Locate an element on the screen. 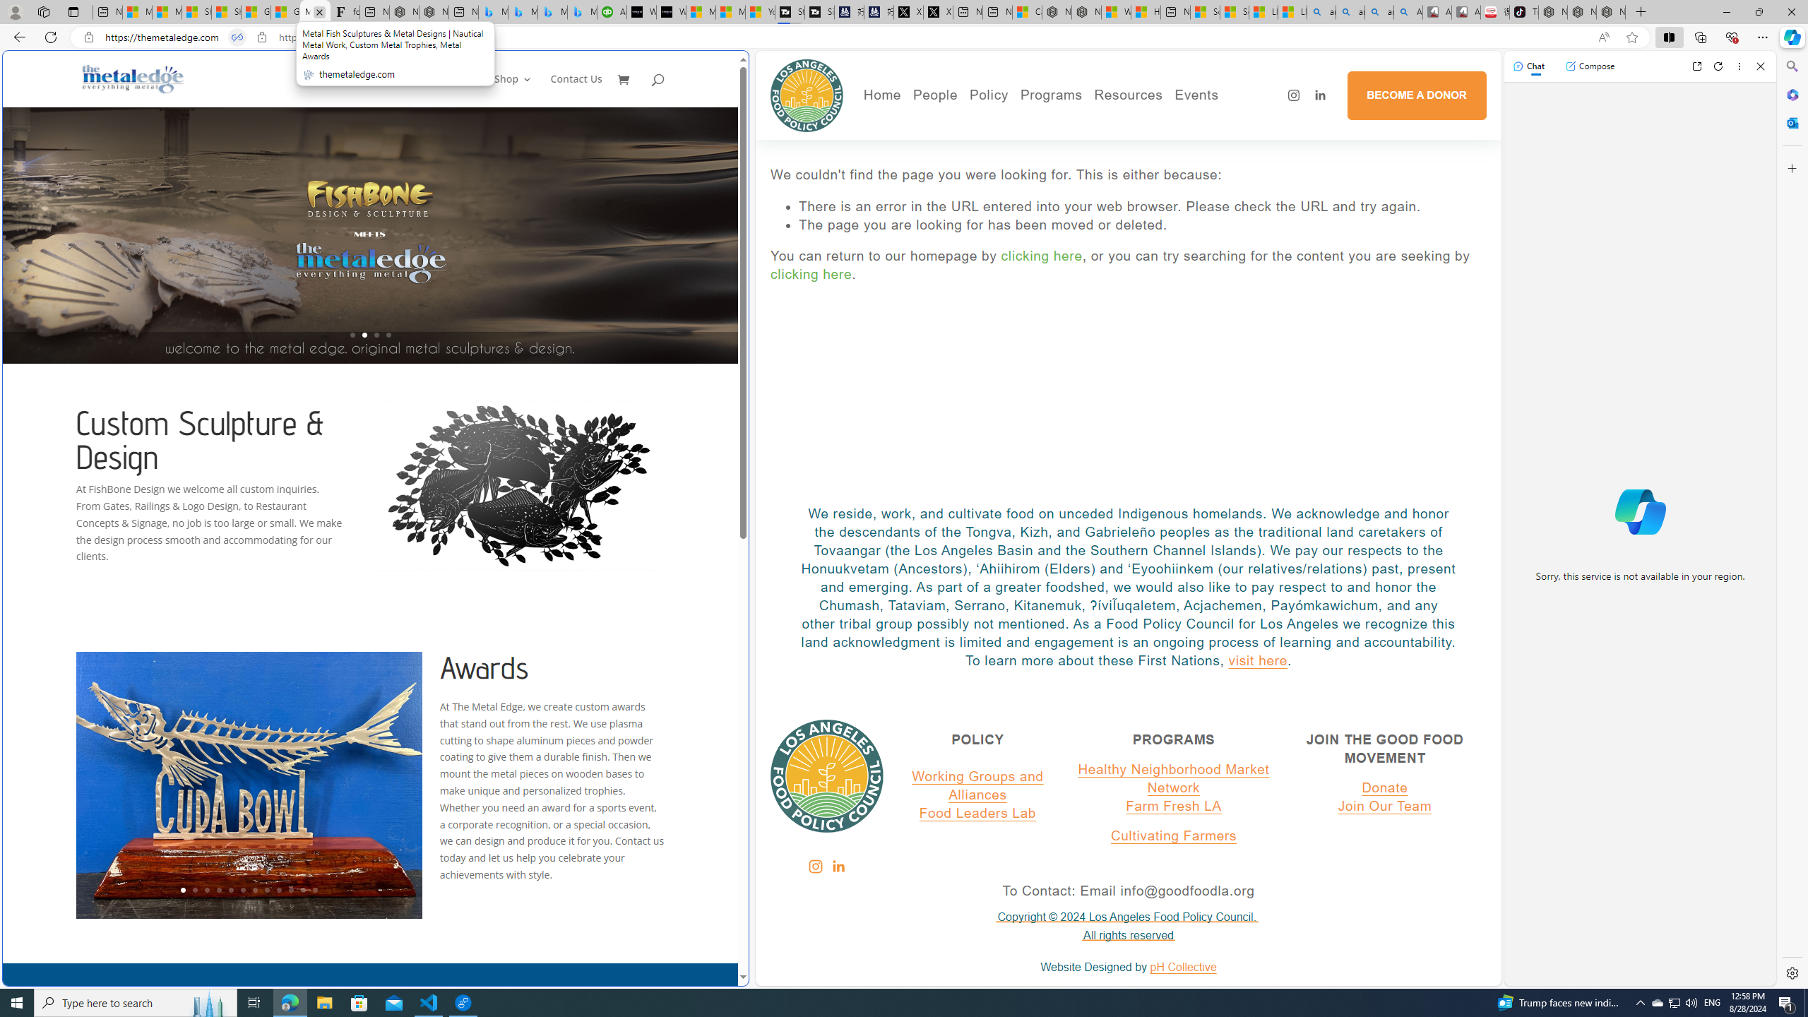 This screenshot has height=1017, width=1808. 'Close' is located at coordinates (1759, 66).